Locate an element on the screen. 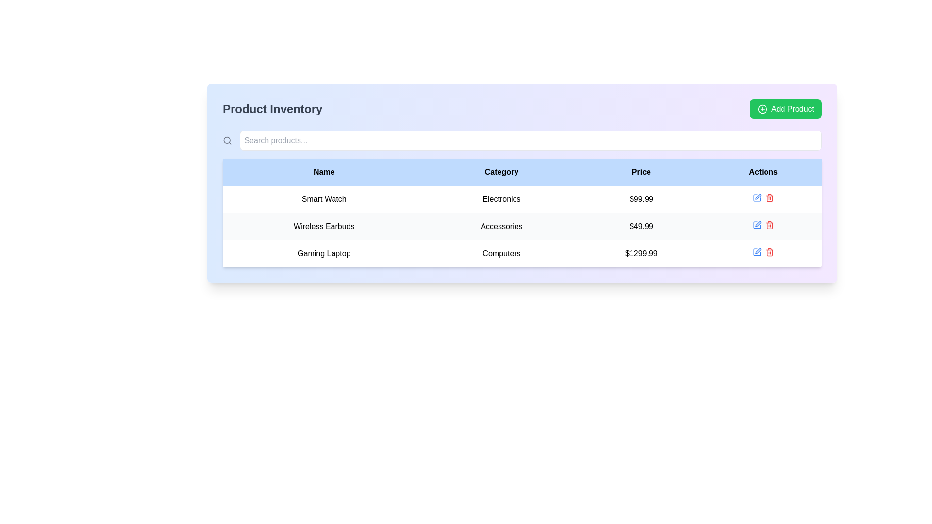 This screenshot has width=932, height=524. the price label displaying '$99.99' for the 'Smart Watch' product in the first row of the table is located at coordinates (641, 199).